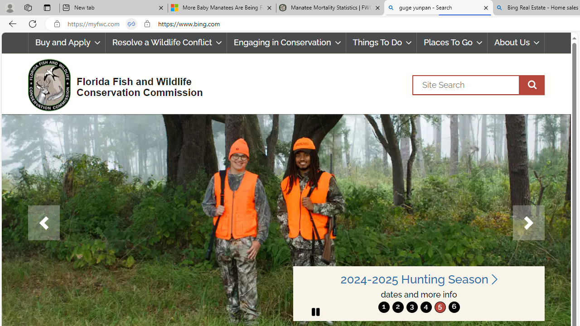  I want to click on 'About Us', so click(516, 43).